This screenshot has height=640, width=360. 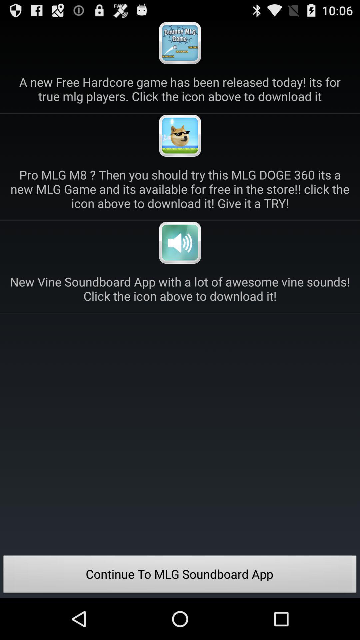 I want to click on the pro mlg m8 item, so click(x=180, y=188).